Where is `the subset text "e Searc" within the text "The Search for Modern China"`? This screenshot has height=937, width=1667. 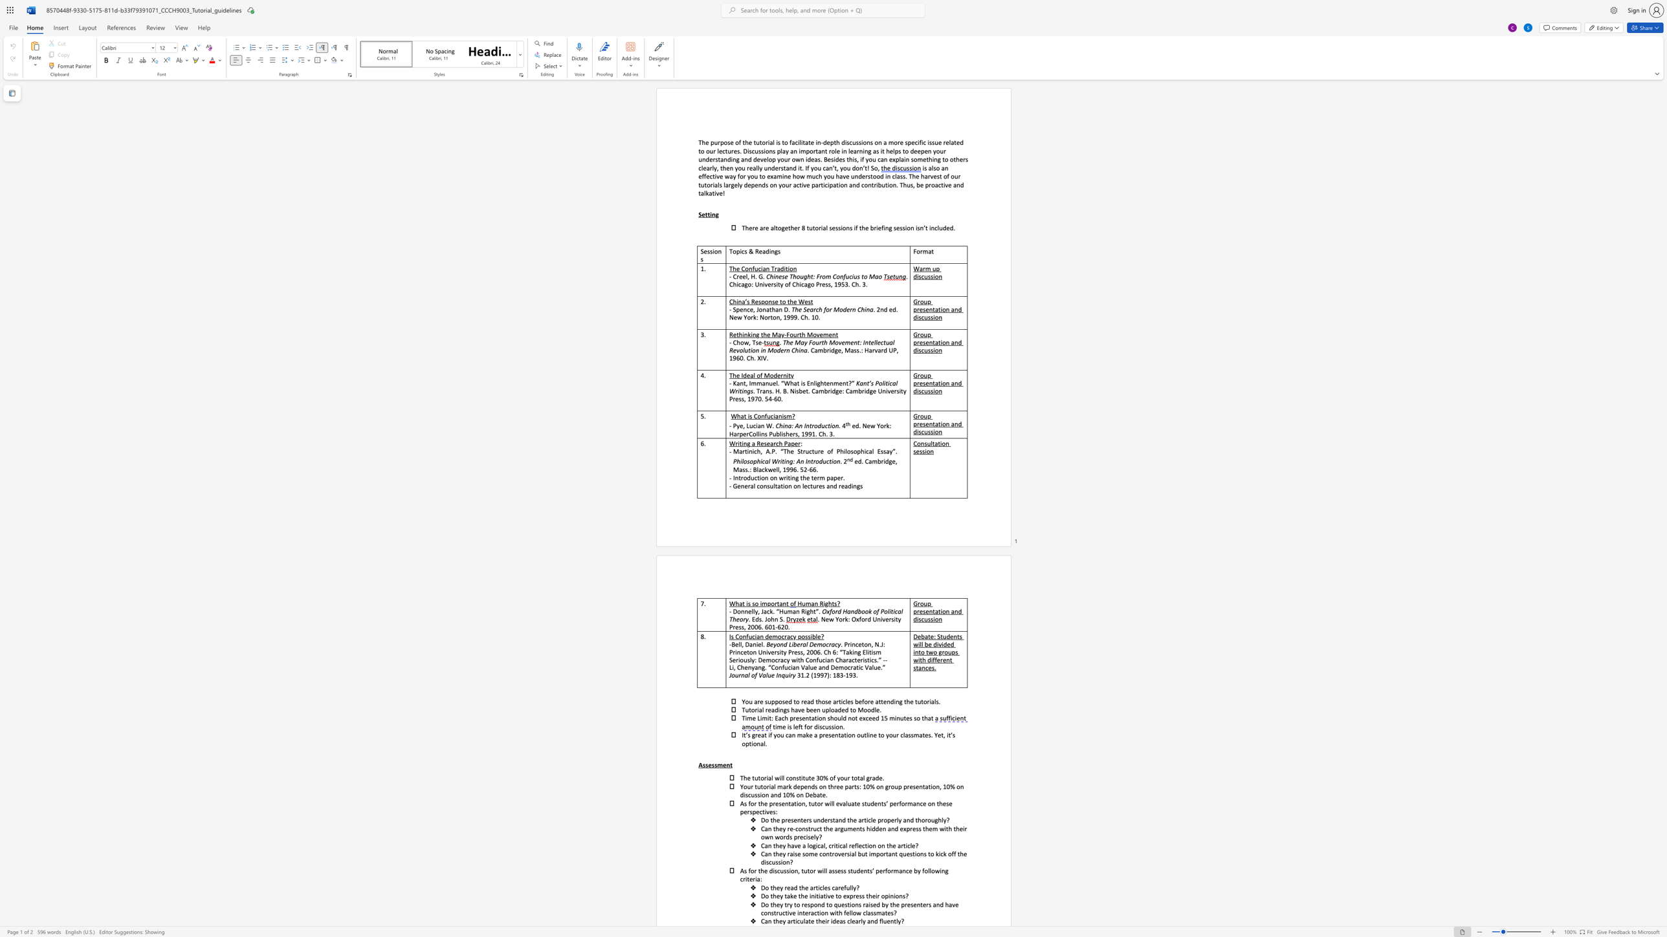 the subset text "e Searc" within the text "The Search for Modern China" is located at coordinates (799, 309).